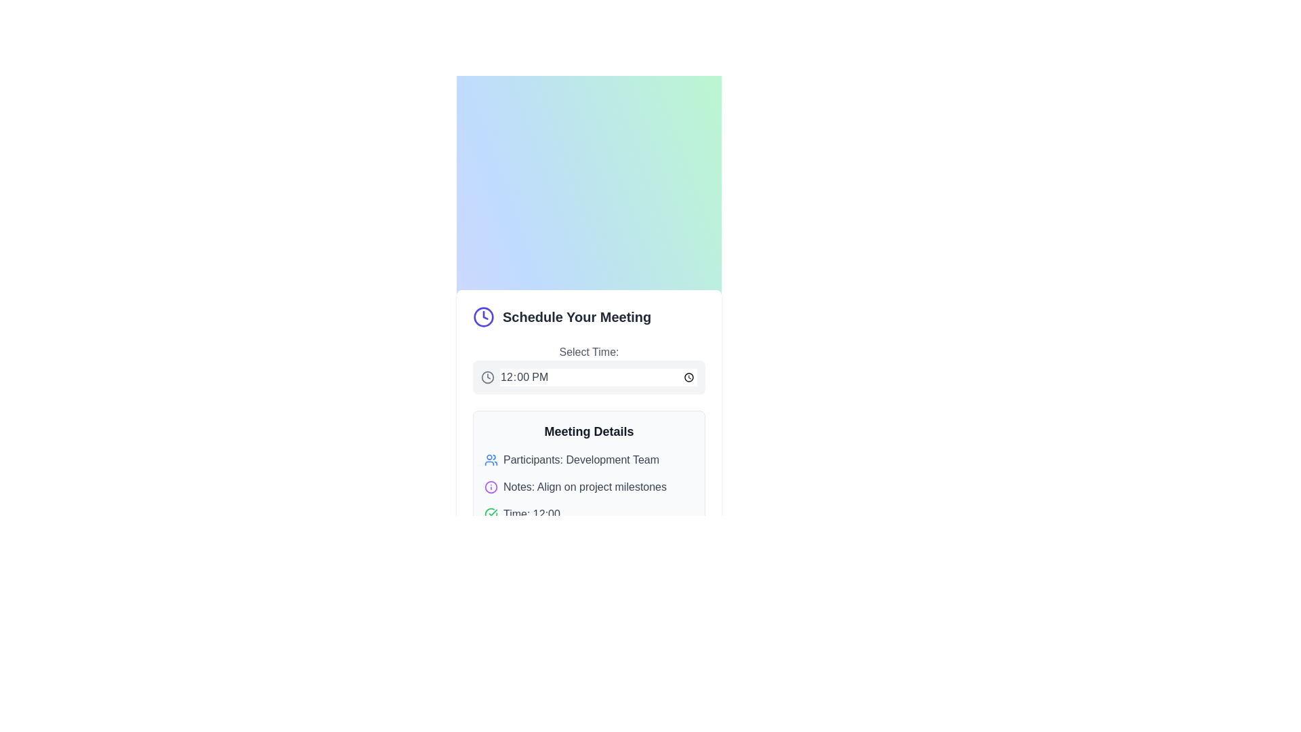 The width and height of the screenshot is (1301, 732). I want to click on on the Time selection input field labeled 'Select Time:', so click(589, 369).